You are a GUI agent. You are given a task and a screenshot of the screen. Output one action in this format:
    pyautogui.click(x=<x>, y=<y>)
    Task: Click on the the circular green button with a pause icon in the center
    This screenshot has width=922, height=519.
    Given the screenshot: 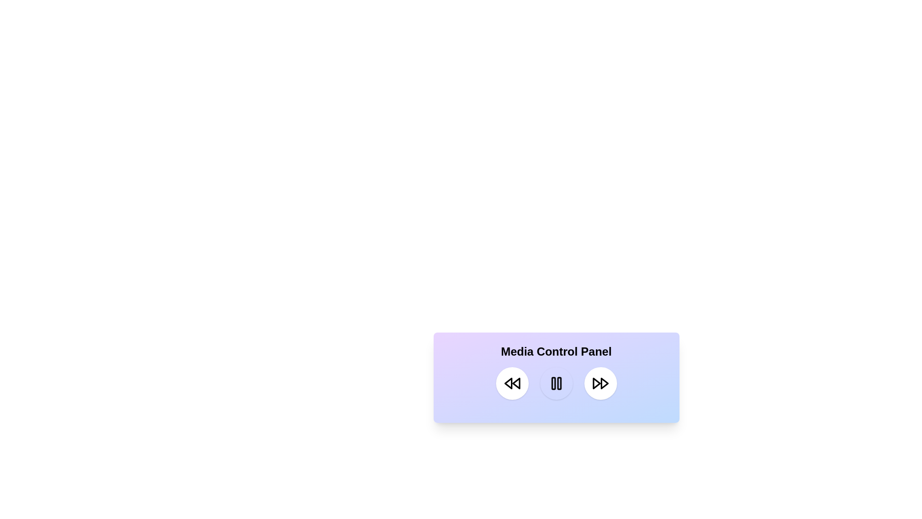 What is the action you would take?
    pyautogui.click(x=556, y=383)
    